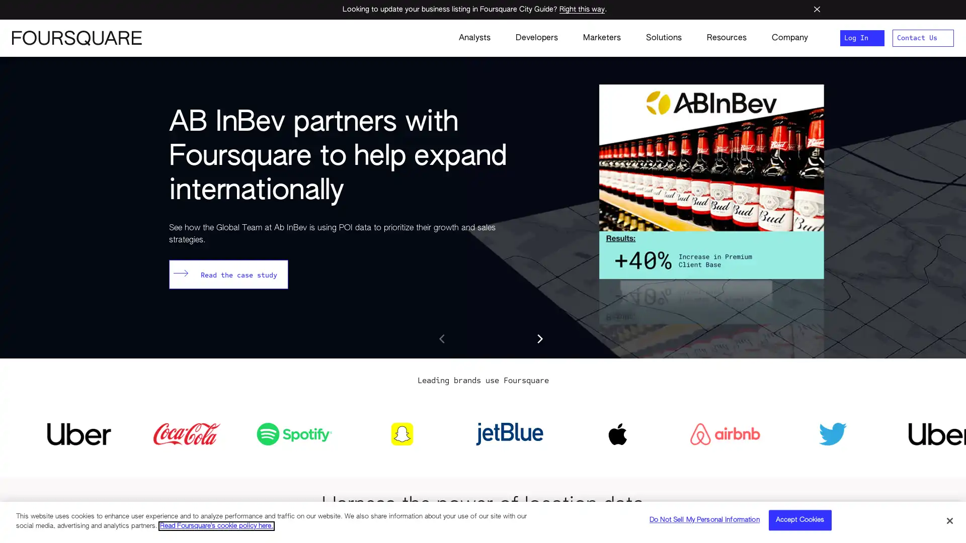  What do you see at coordinates (799, 520) in the screenshot?
I see `Accept Cookies` at bounding box center [799, 520].